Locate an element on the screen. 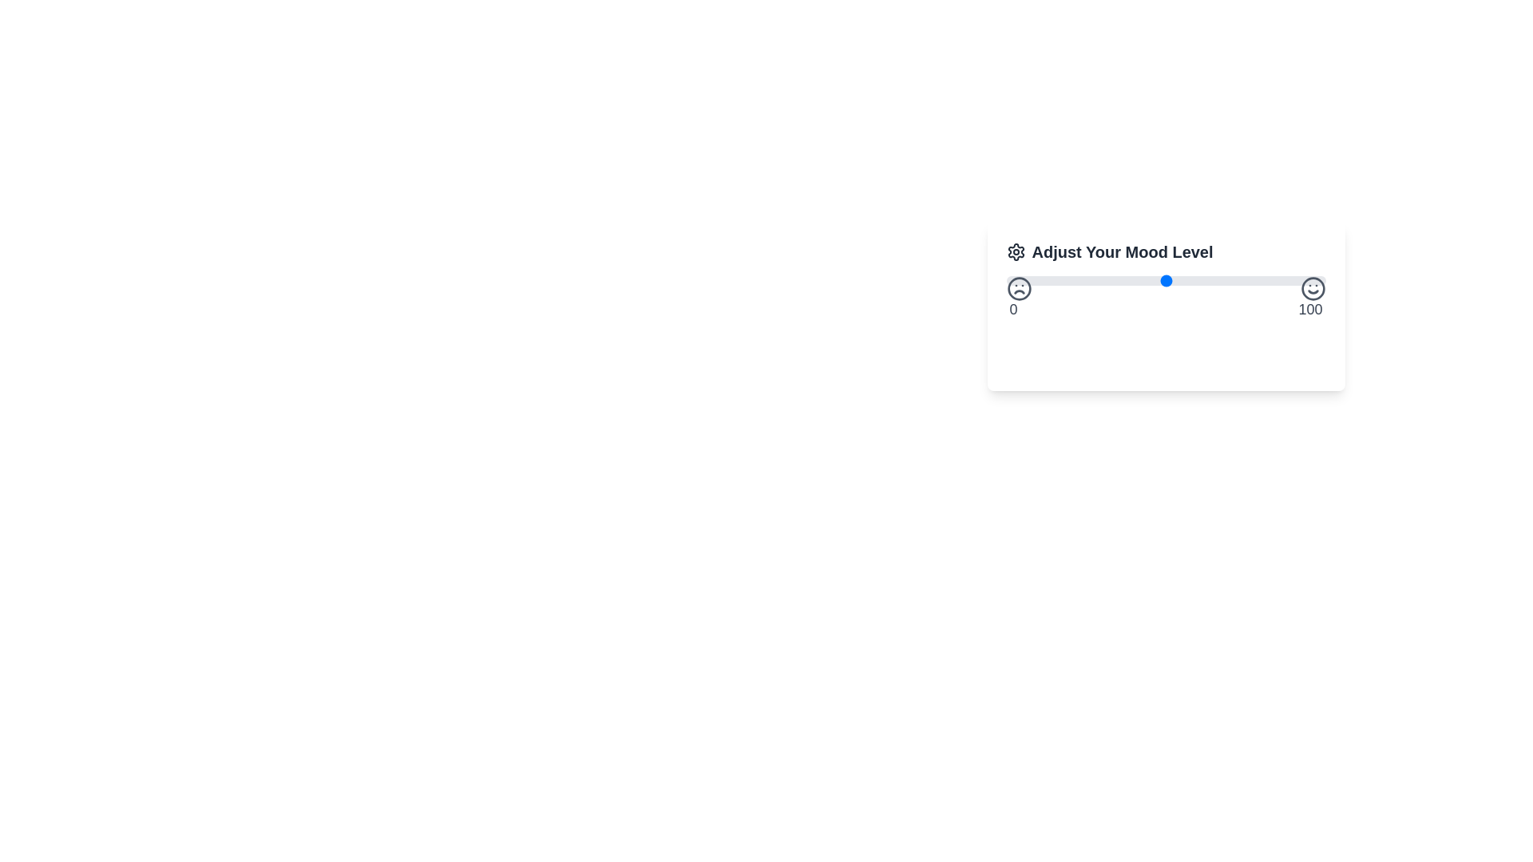 The height and width of the screenshot is (862, 1533). the icon representing the lowest possible mood level on the leftmost side of the horizontal mood slider, adjacent to the numeric value '0' is located at coordinates (1018, 289).